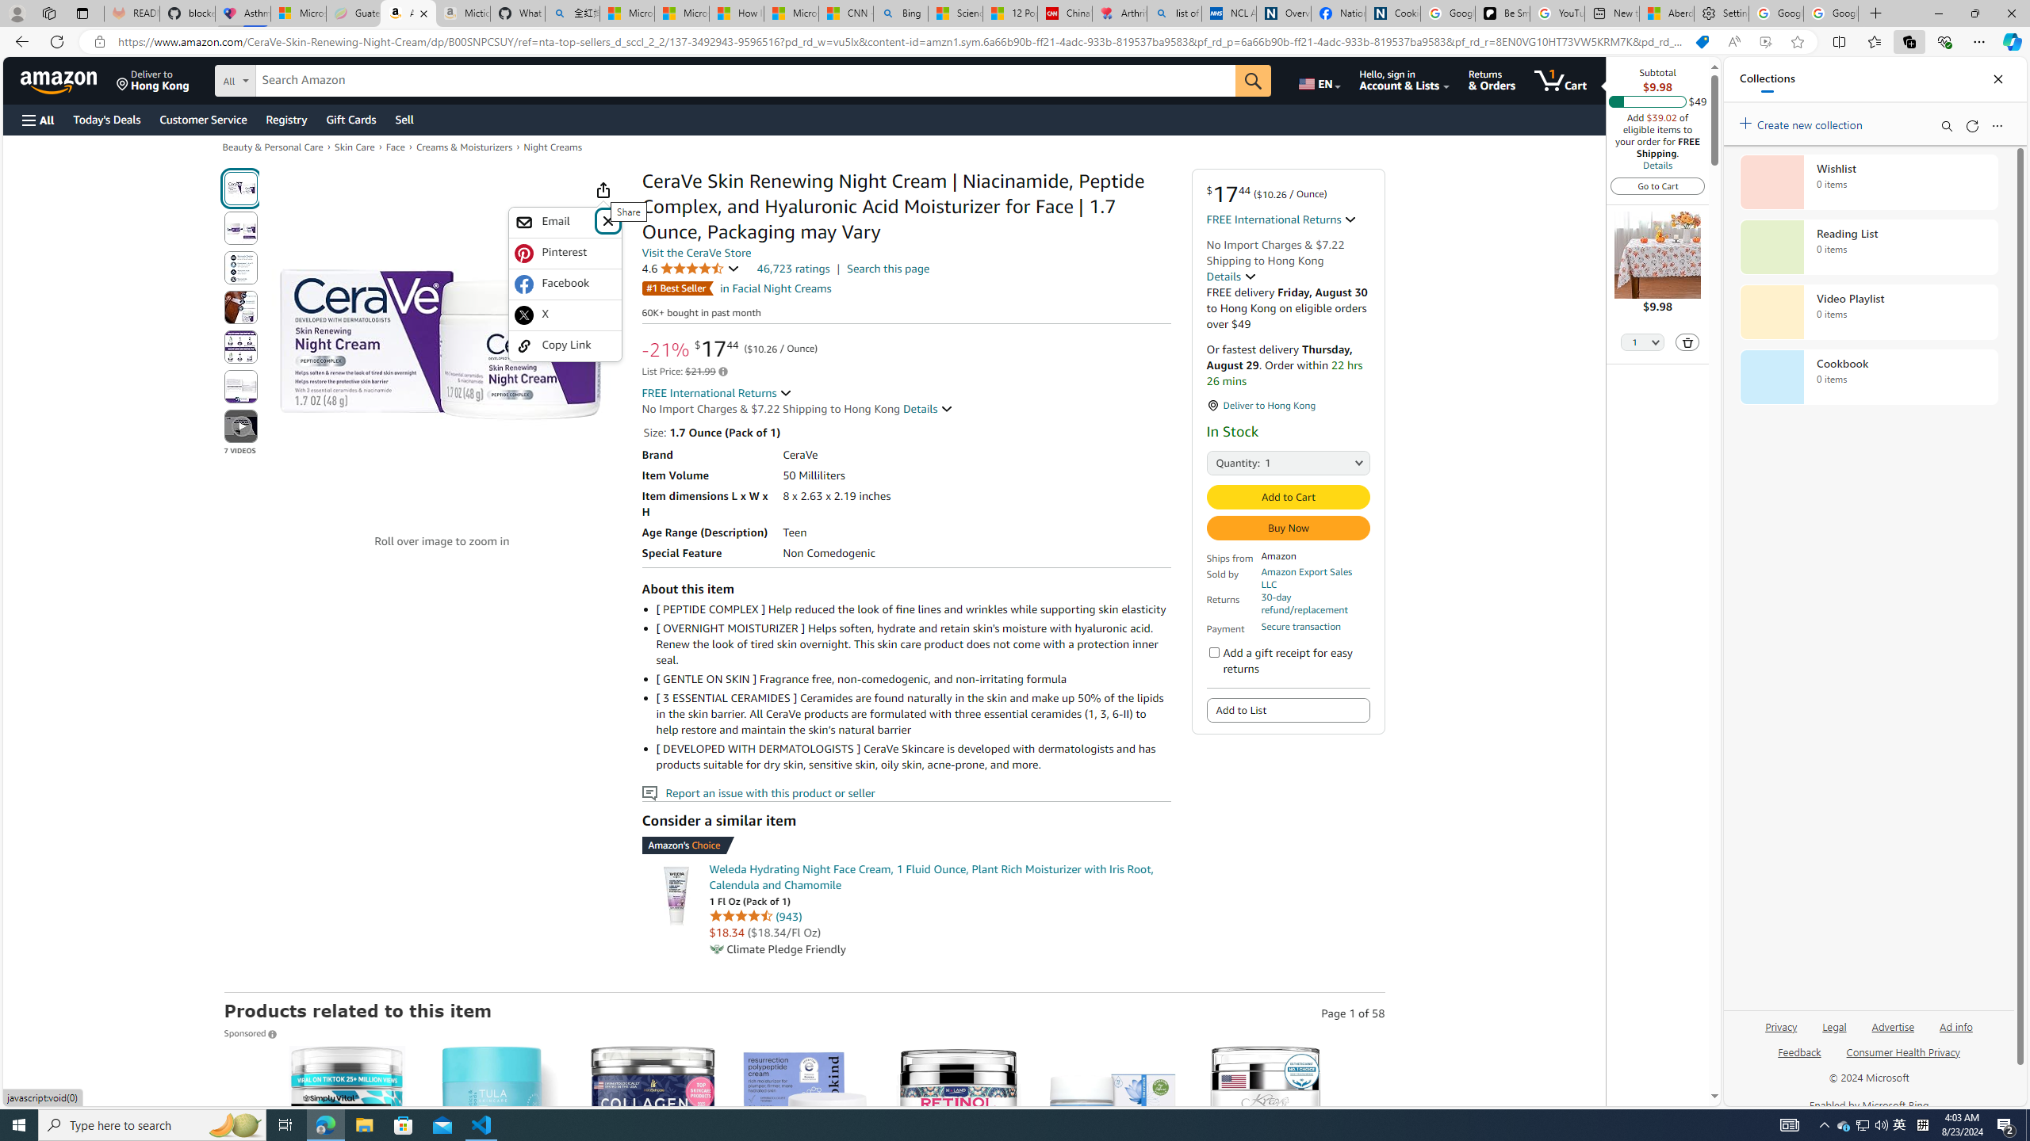 The width and height of the screenshot is (2030, 1141). What do you see at coordinates (565, 283) in the screenshot?
I see `'Facebook'` at bounding box center [565, 283].